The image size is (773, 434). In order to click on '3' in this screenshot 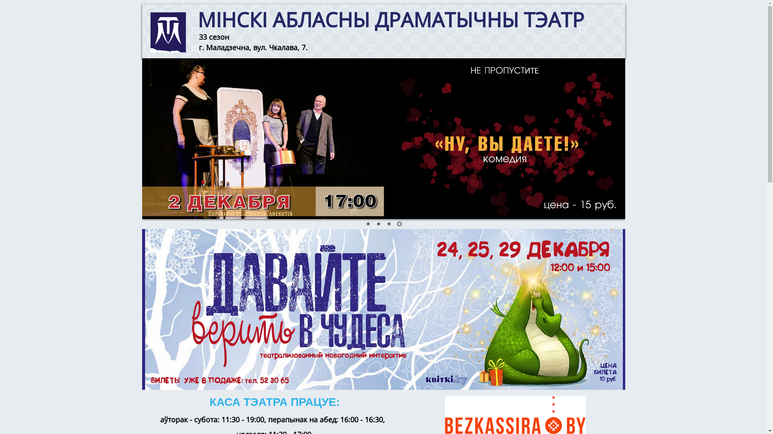, I will do `click(388, 225)`.